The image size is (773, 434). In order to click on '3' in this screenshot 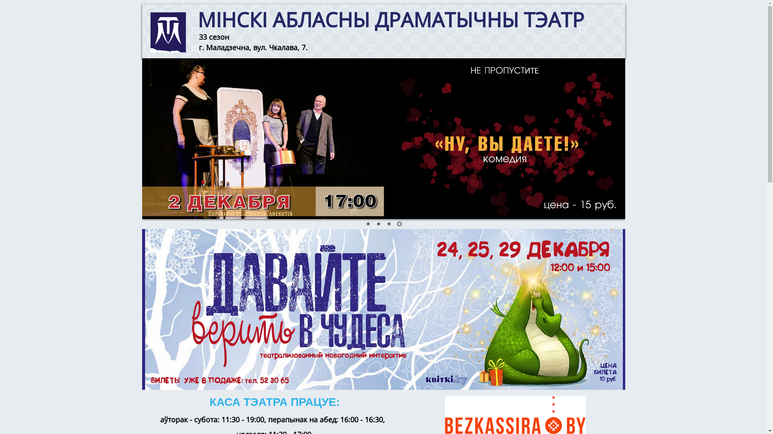, I will do `click(388, 225)`.